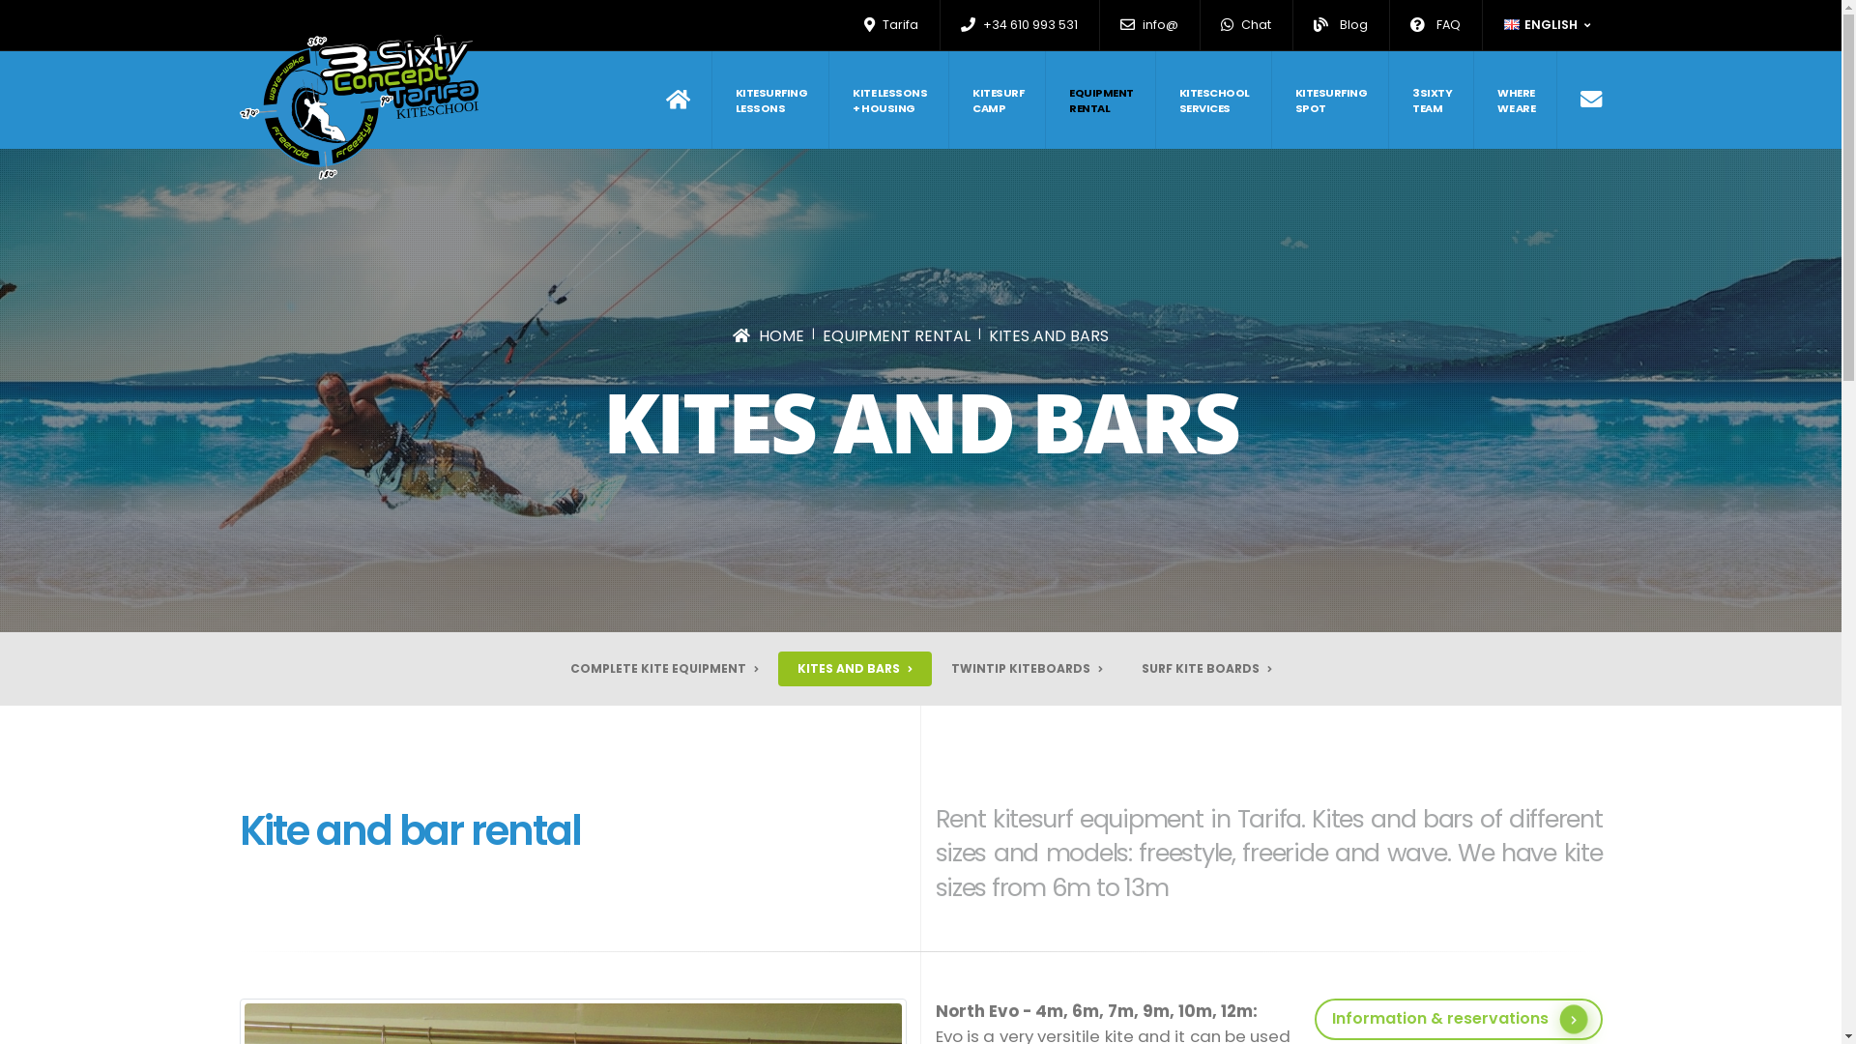 This screenshot has width=1856, height=1044. Describe the element at coordinates (998, 100) in the screenshot. I see `'KITESURF CAMP'` at that location.